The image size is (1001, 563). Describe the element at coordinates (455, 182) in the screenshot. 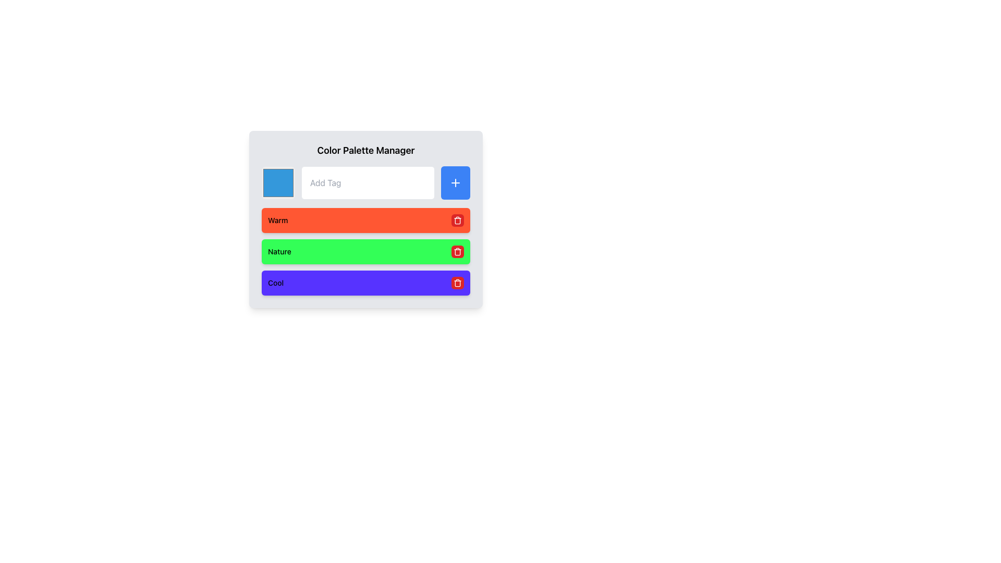

I see `the add button located at the rightmost side of the input field and color picker, identified by its plus icon` at that location.